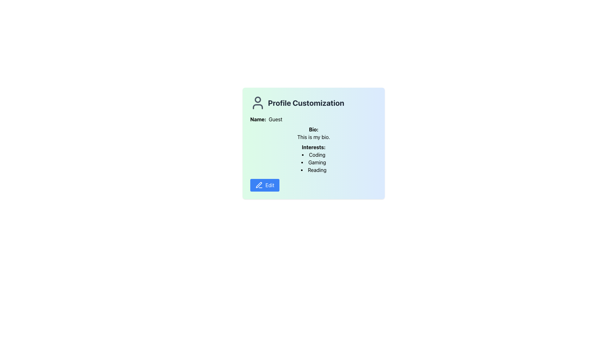 The width and height of the screenshot is (609, 342). I want to click on editing icon located within the 'Edit' button at the lower-left corner of the profile information card, so click(259, 185).